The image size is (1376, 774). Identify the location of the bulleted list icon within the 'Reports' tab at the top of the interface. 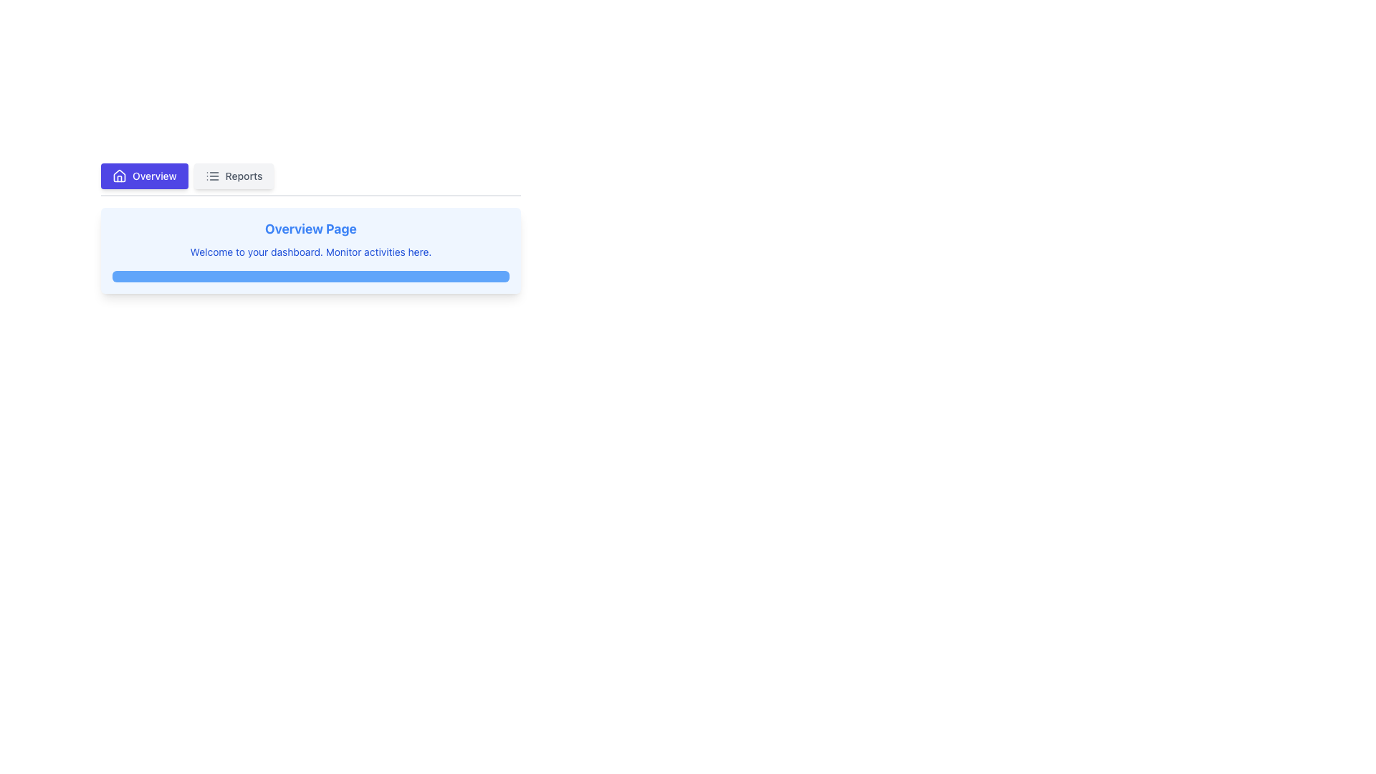
(211, 176).